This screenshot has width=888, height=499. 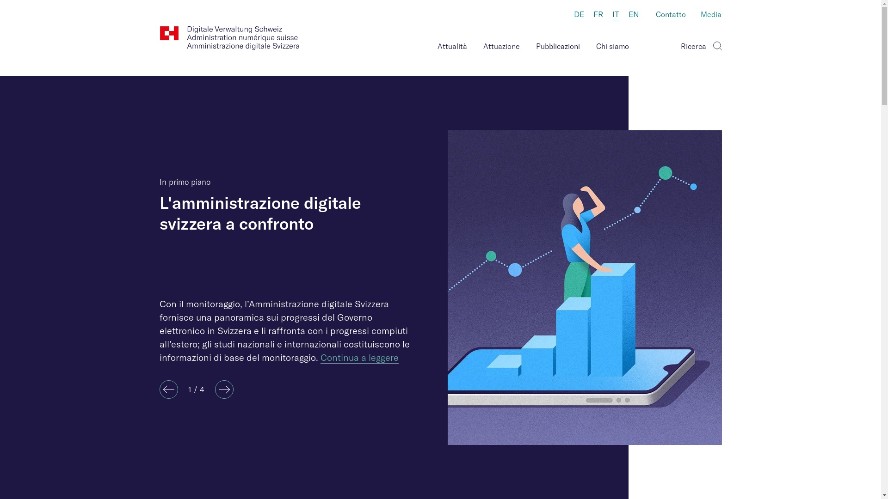 What do you see at coordinates (229, 37) in the screenshot?
I see `'Website Logo'` at bounding box center [229, 37].